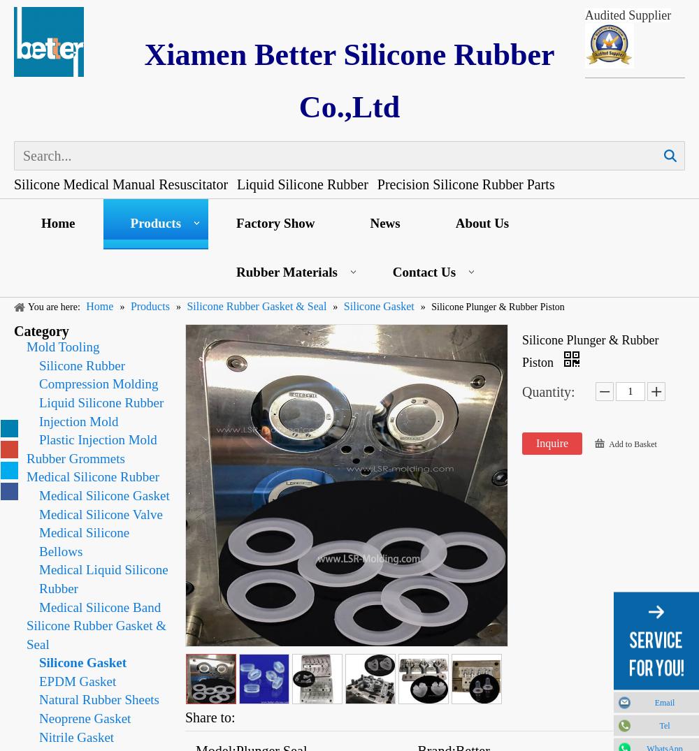 The height and width of the screenshot is (751, 699). I want to click on 'Search', so click(635, 154).